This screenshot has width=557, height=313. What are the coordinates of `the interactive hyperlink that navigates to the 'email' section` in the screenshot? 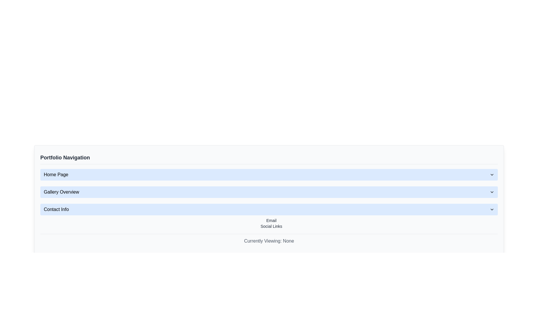 It's located at (271, 220).